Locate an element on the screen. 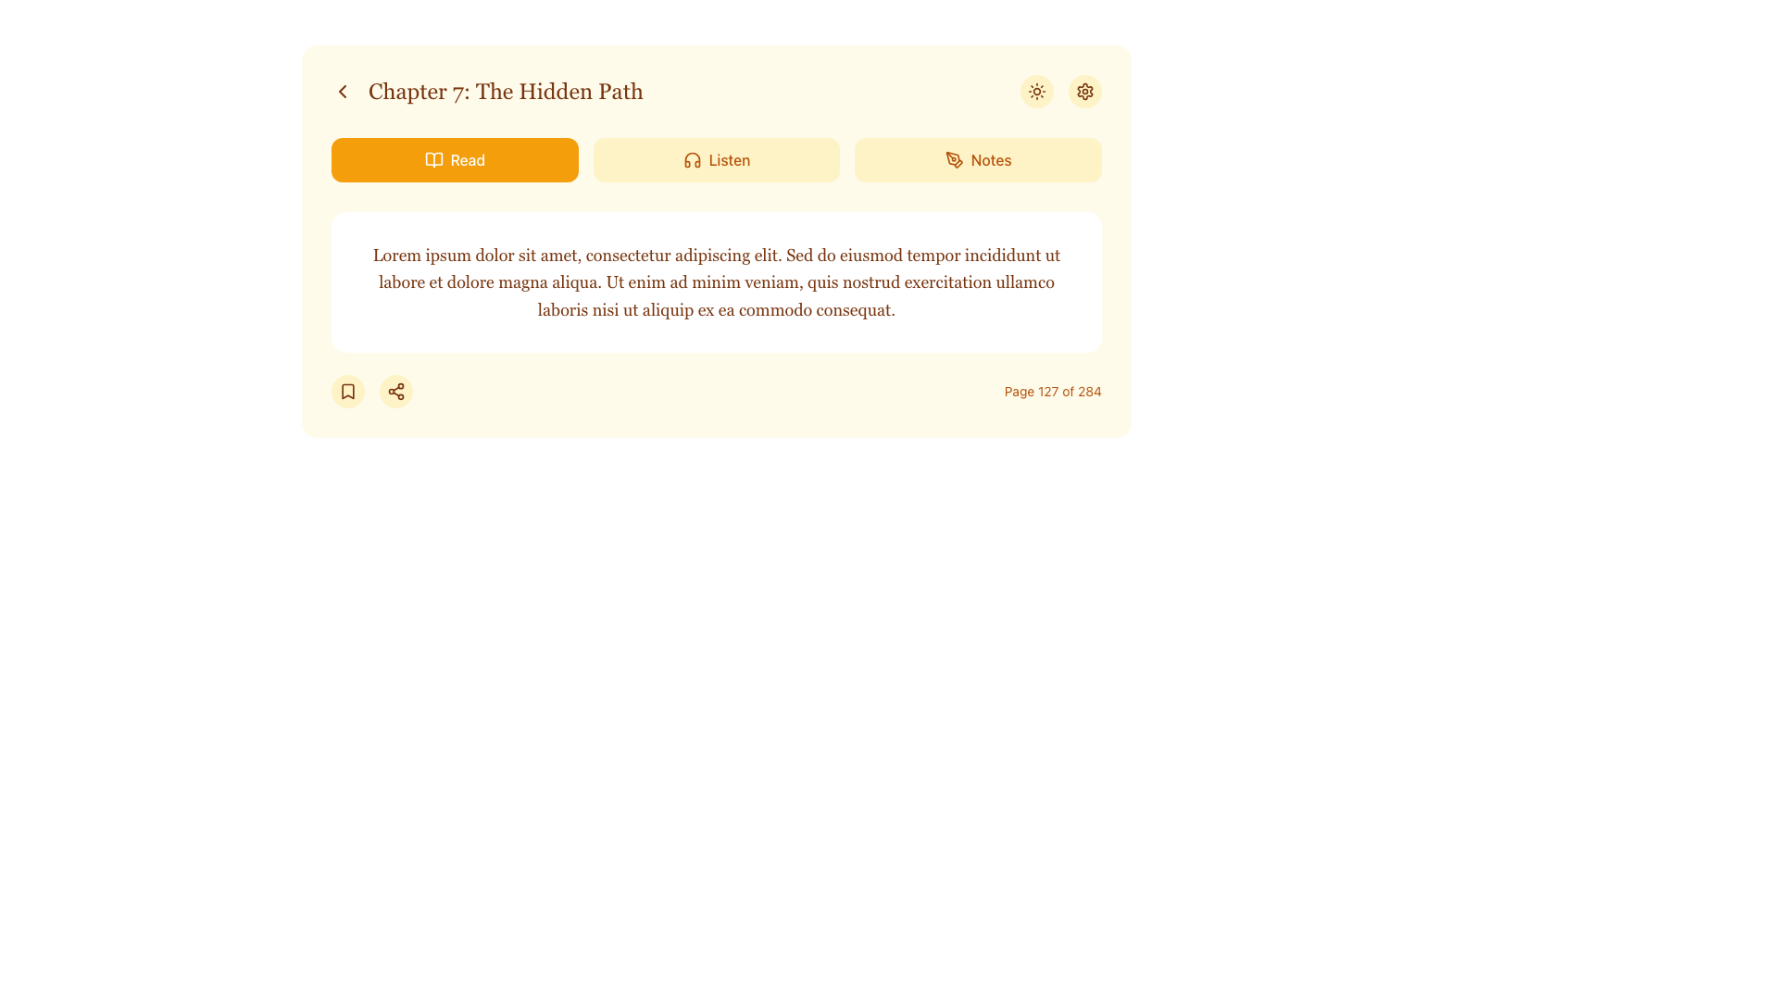  the bookmark icon, which is a muted brown ribbon-shaped icon located is located at coordinates (347, 389).